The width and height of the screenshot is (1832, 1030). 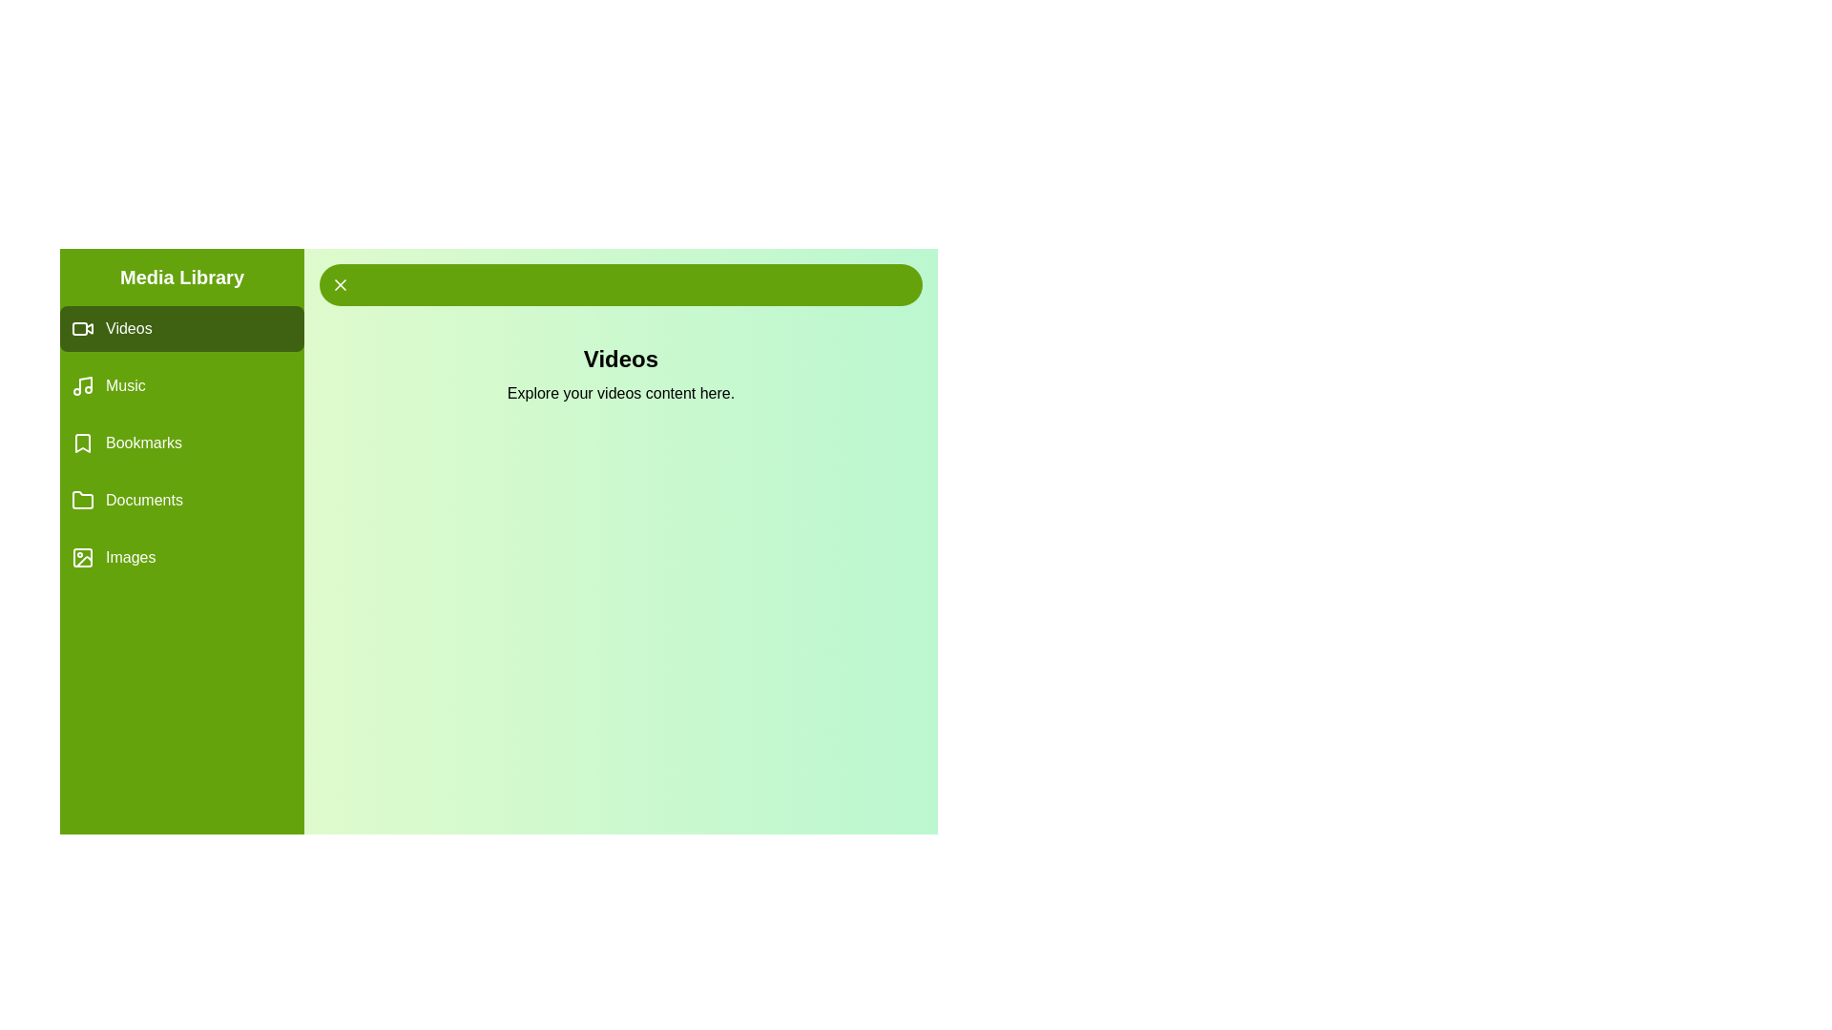 I want to click on the Images tab by clicking on its label in the drawer, so click(x=182, y=558).